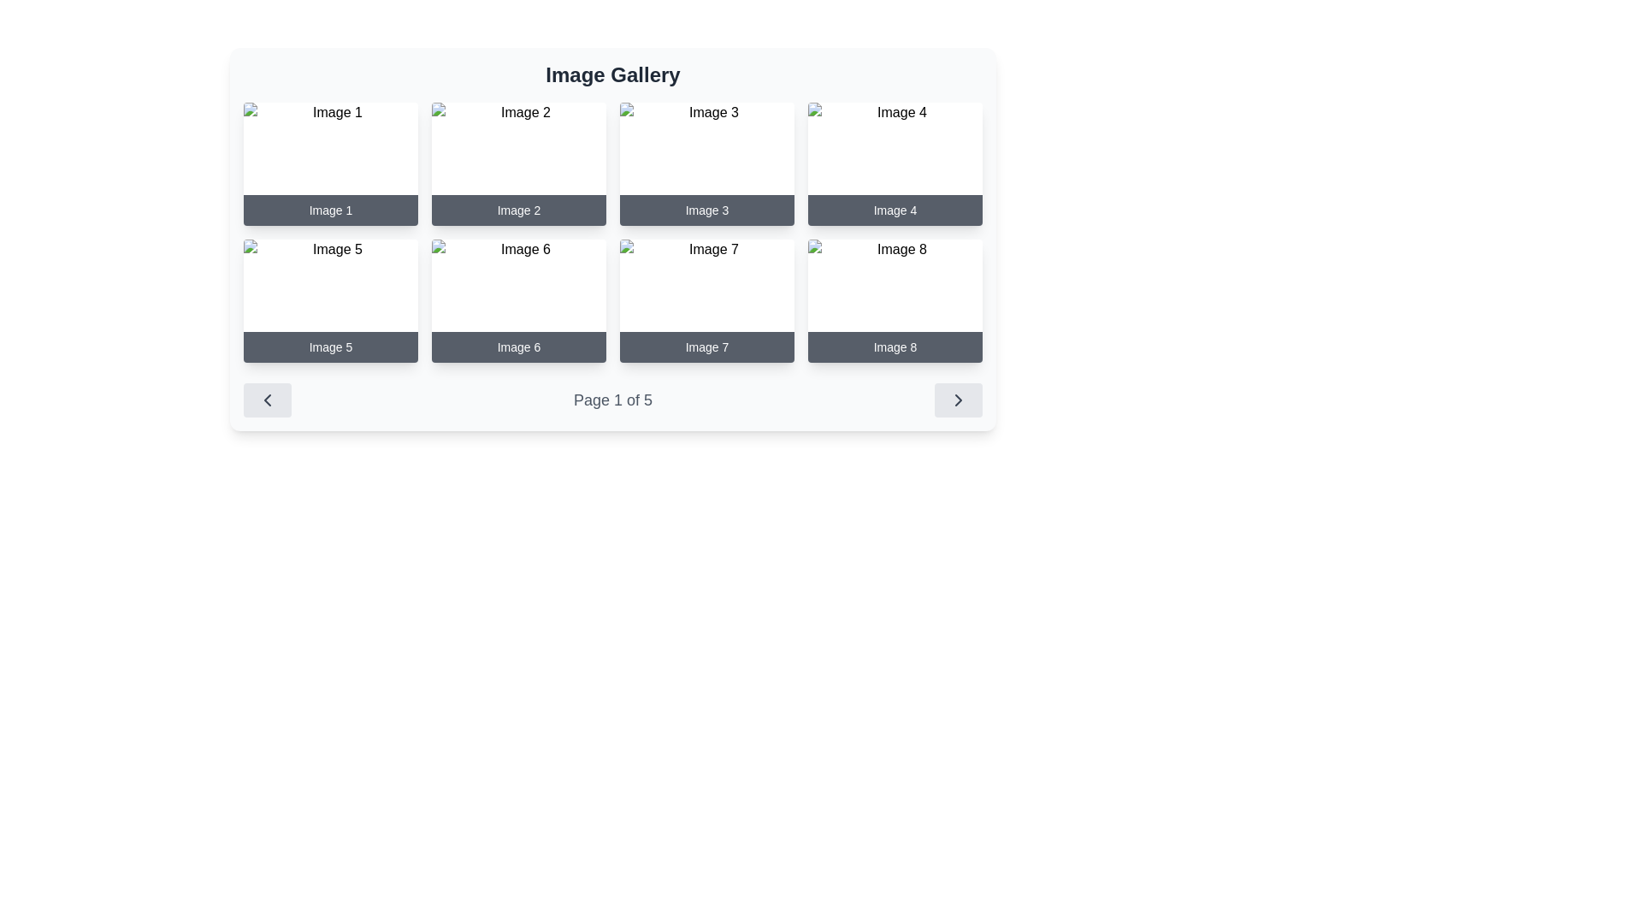 The height and width of the screenshot is (924, 1642). I want to click on the text label or caption with the white text reading 'Image 4' located in the top row, fourth column of the grid, which has a dark gray background, so click(894, 210).